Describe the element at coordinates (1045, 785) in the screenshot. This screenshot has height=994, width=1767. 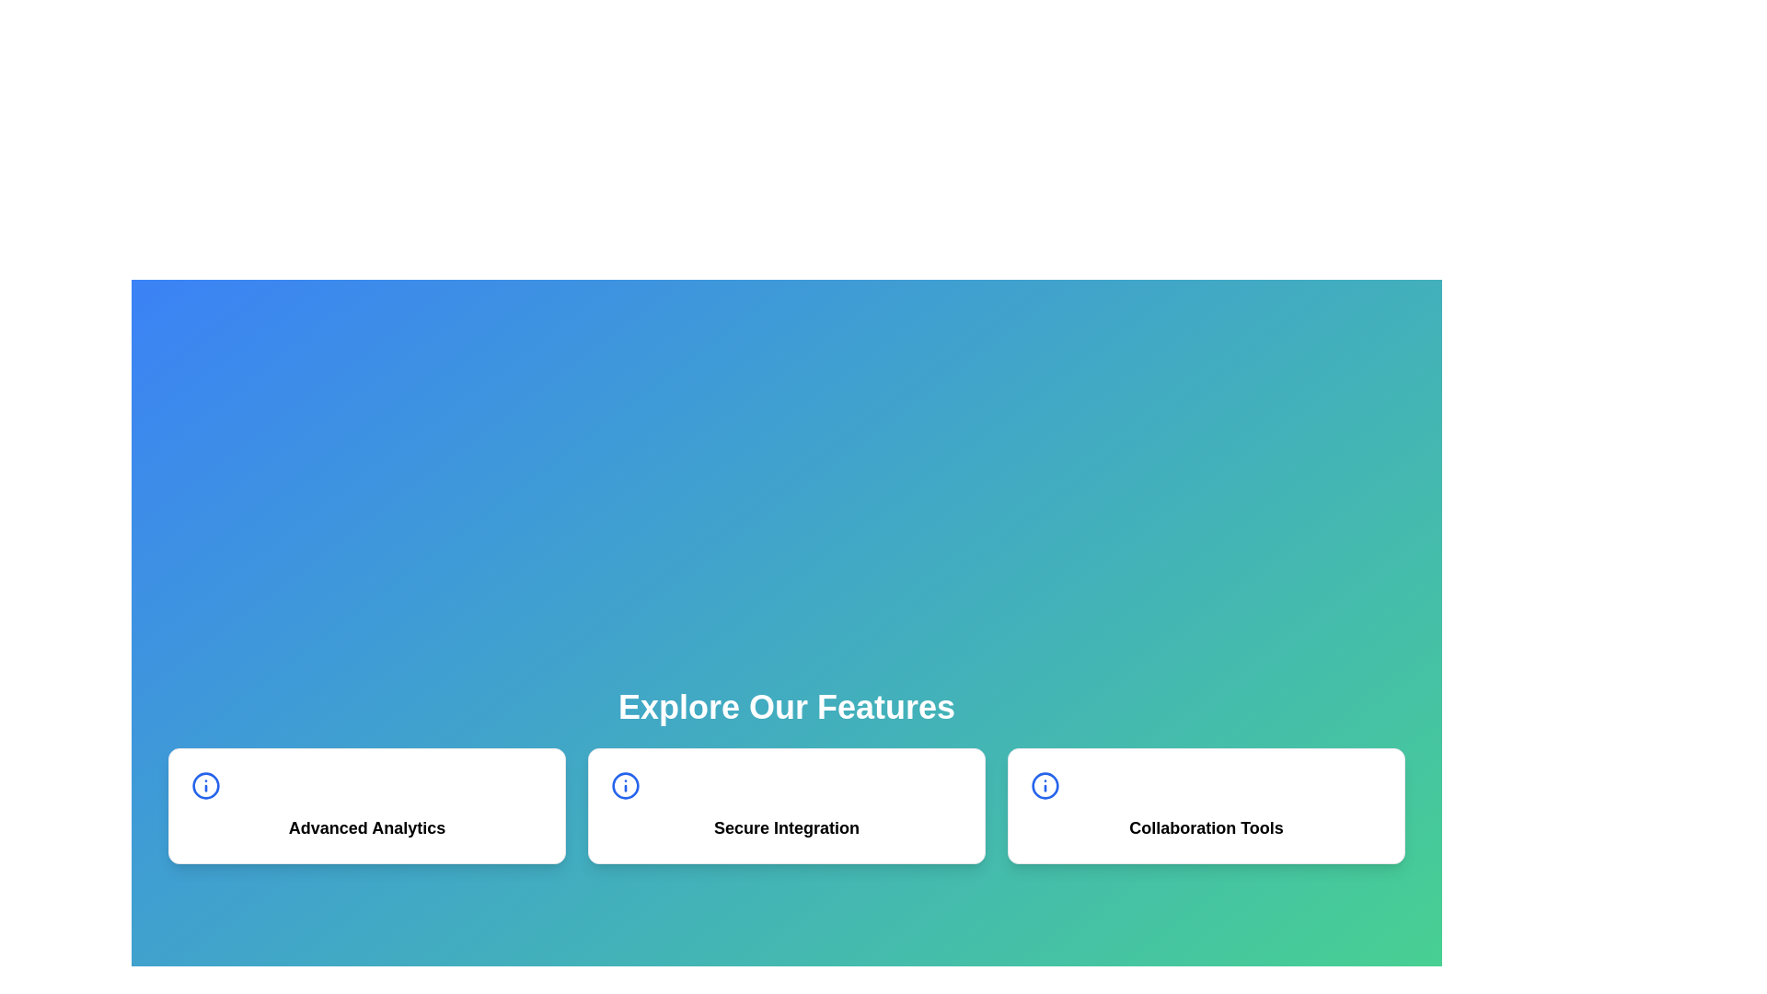
I see `the informational icon related to the 'Collaboration Tools' feature, which is located at the top-left corner of the card` at that location.